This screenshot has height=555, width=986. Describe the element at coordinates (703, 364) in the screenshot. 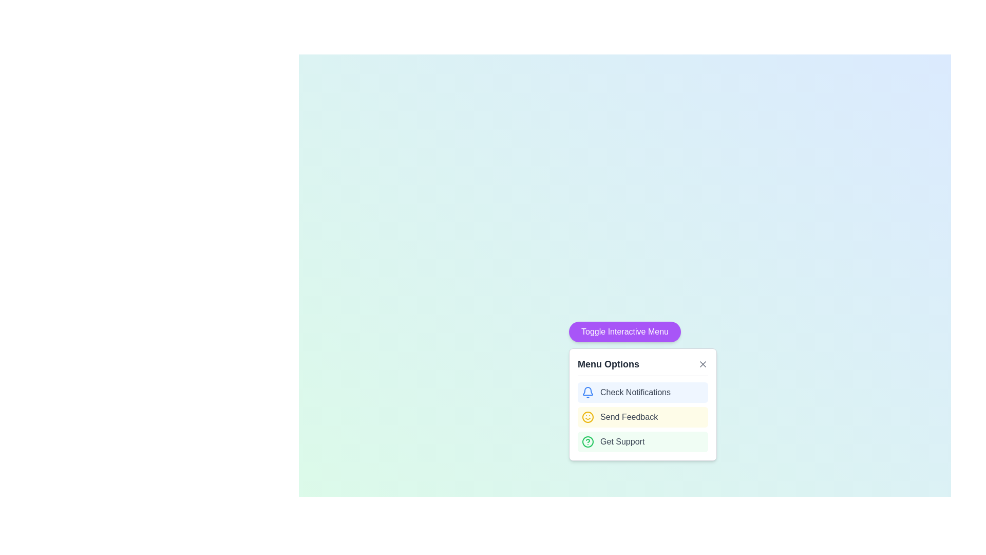

I see `the close button located at the upper-right corner of the 'Menu Options' section` at that location.